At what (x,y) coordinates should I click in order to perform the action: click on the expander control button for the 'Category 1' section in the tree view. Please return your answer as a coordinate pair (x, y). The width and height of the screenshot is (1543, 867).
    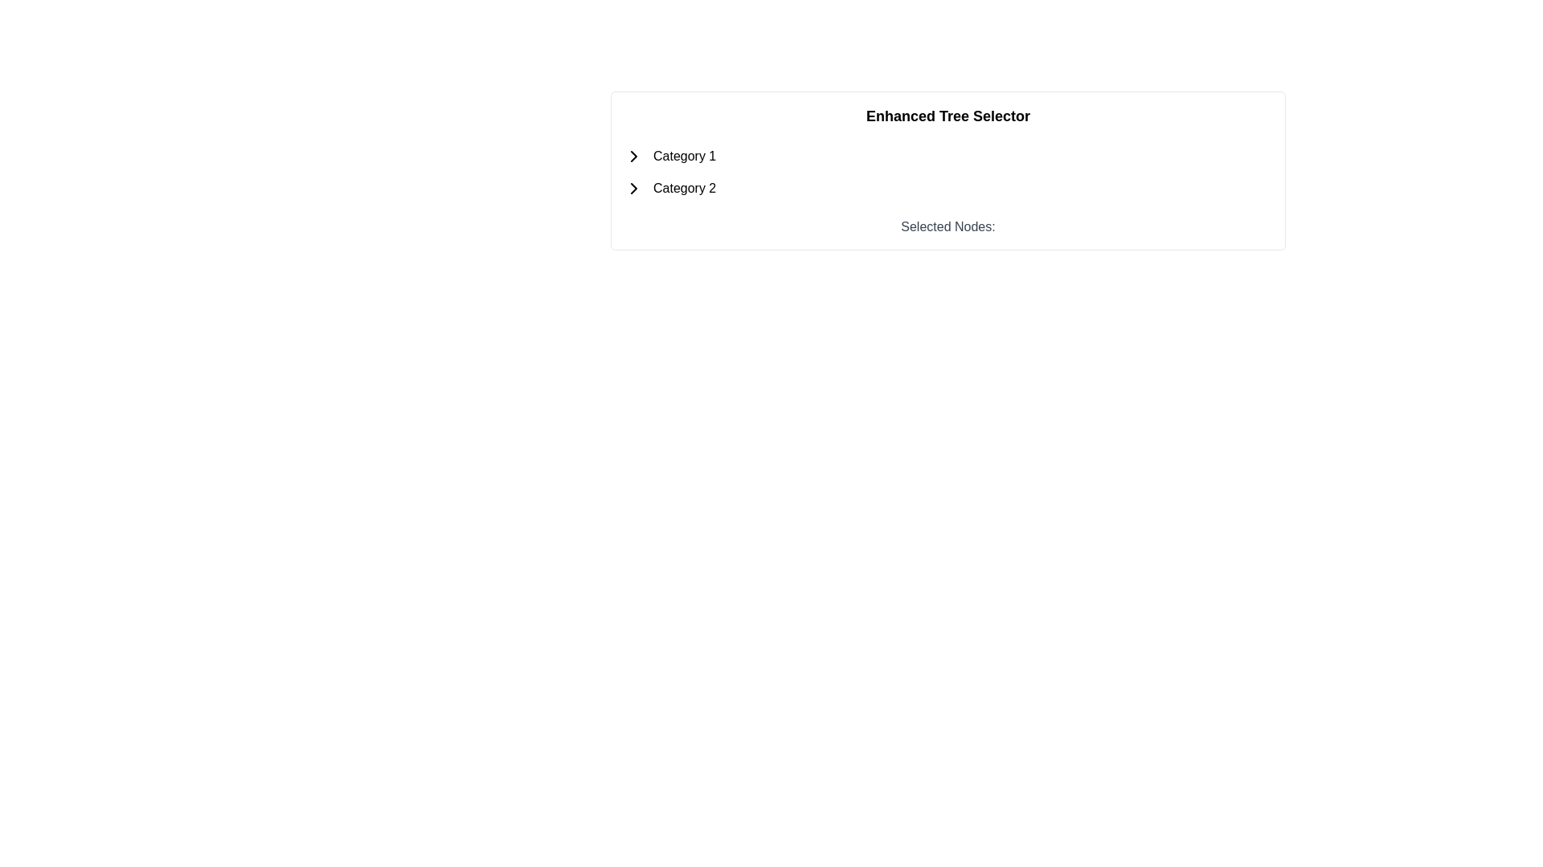
    Looking at the image, I should click on (632, 157).